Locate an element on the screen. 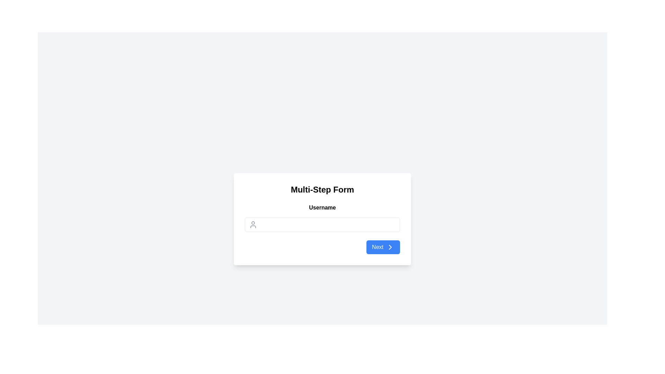 The height and width of the screenshot is (374, 665). the right-pointing chevron arrow icon, which is located within the blue 'Next' button at the bottom right of the form interface is located at coordinates (390, 247).